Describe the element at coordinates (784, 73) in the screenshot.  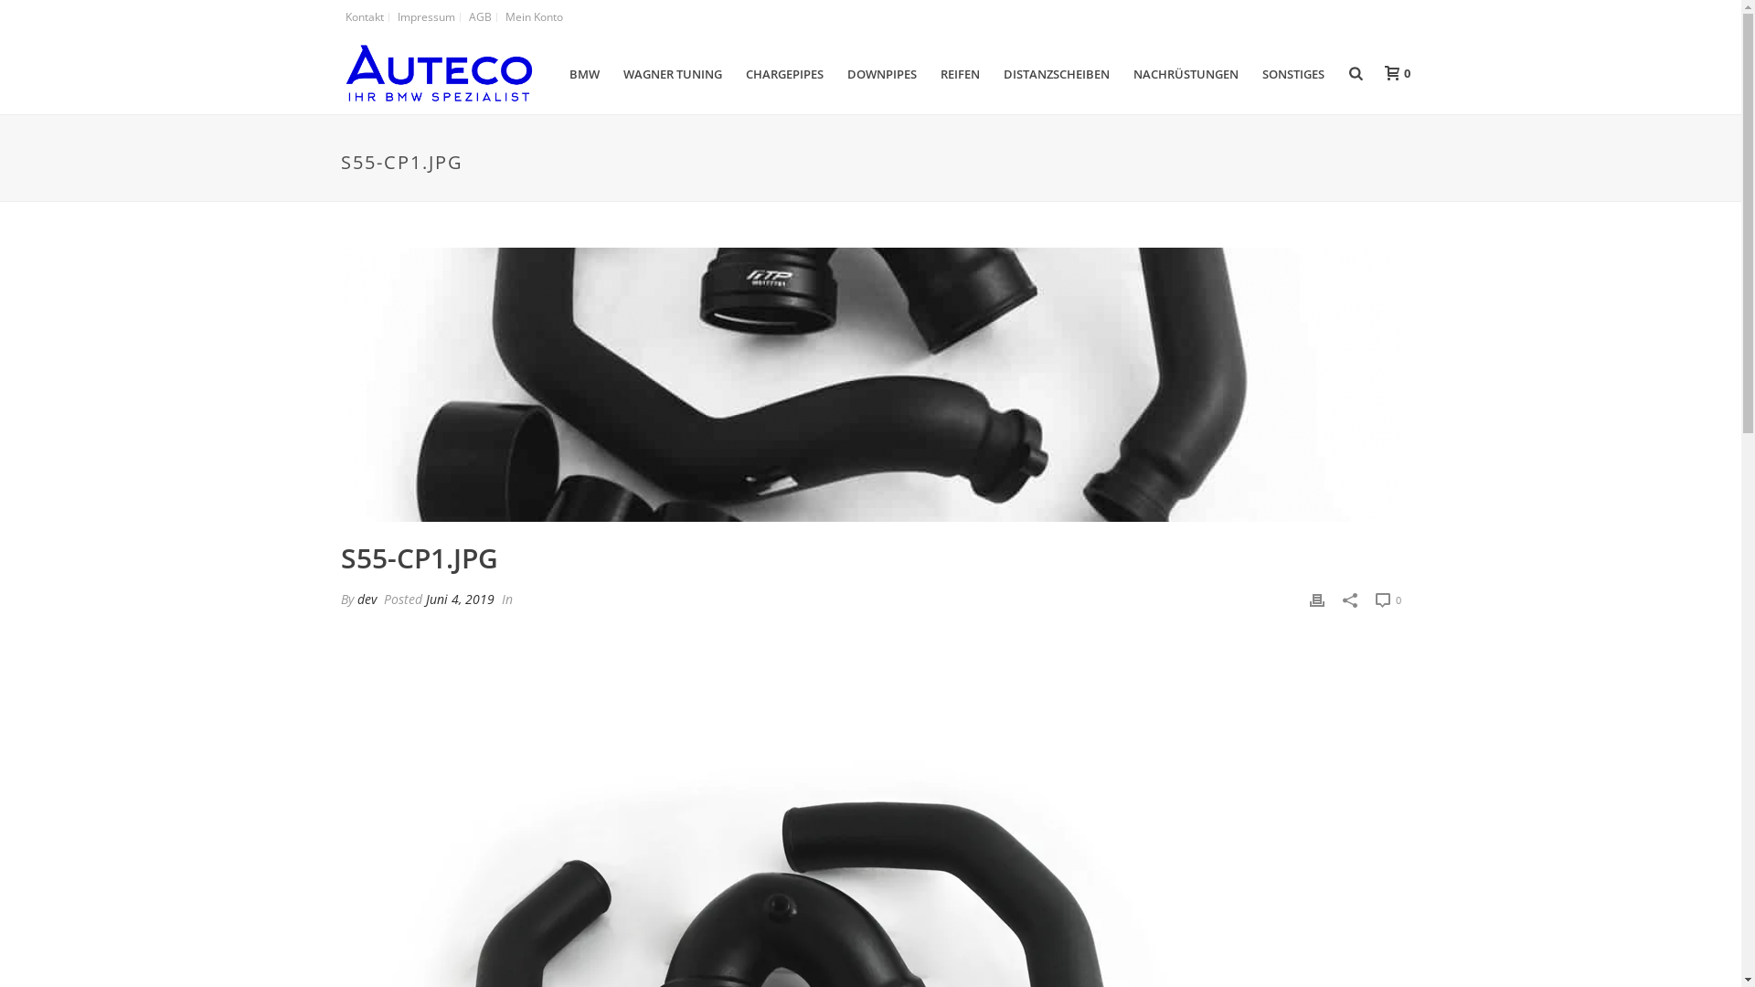
I see `'CHARGEPIPES'` at that location.